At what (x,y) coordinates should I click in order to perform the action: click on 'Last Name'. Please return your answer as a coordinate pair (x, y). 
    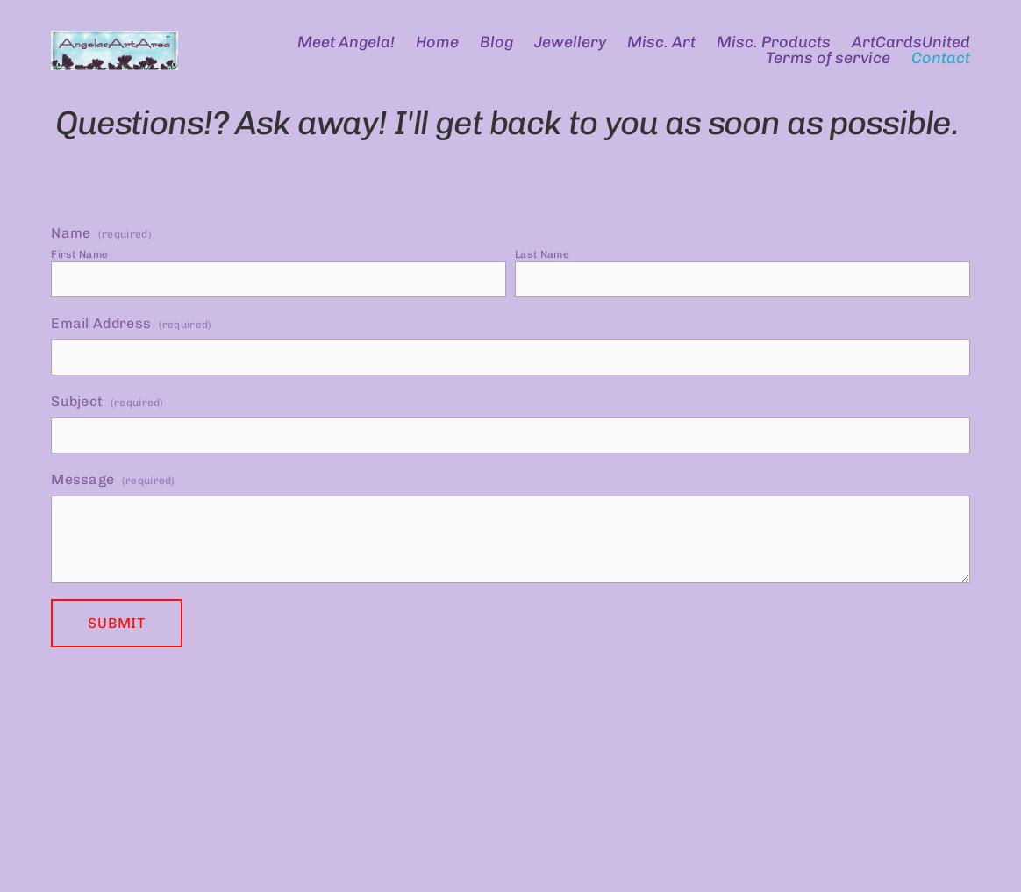
    Looking at the image, I should click on (541, 253).